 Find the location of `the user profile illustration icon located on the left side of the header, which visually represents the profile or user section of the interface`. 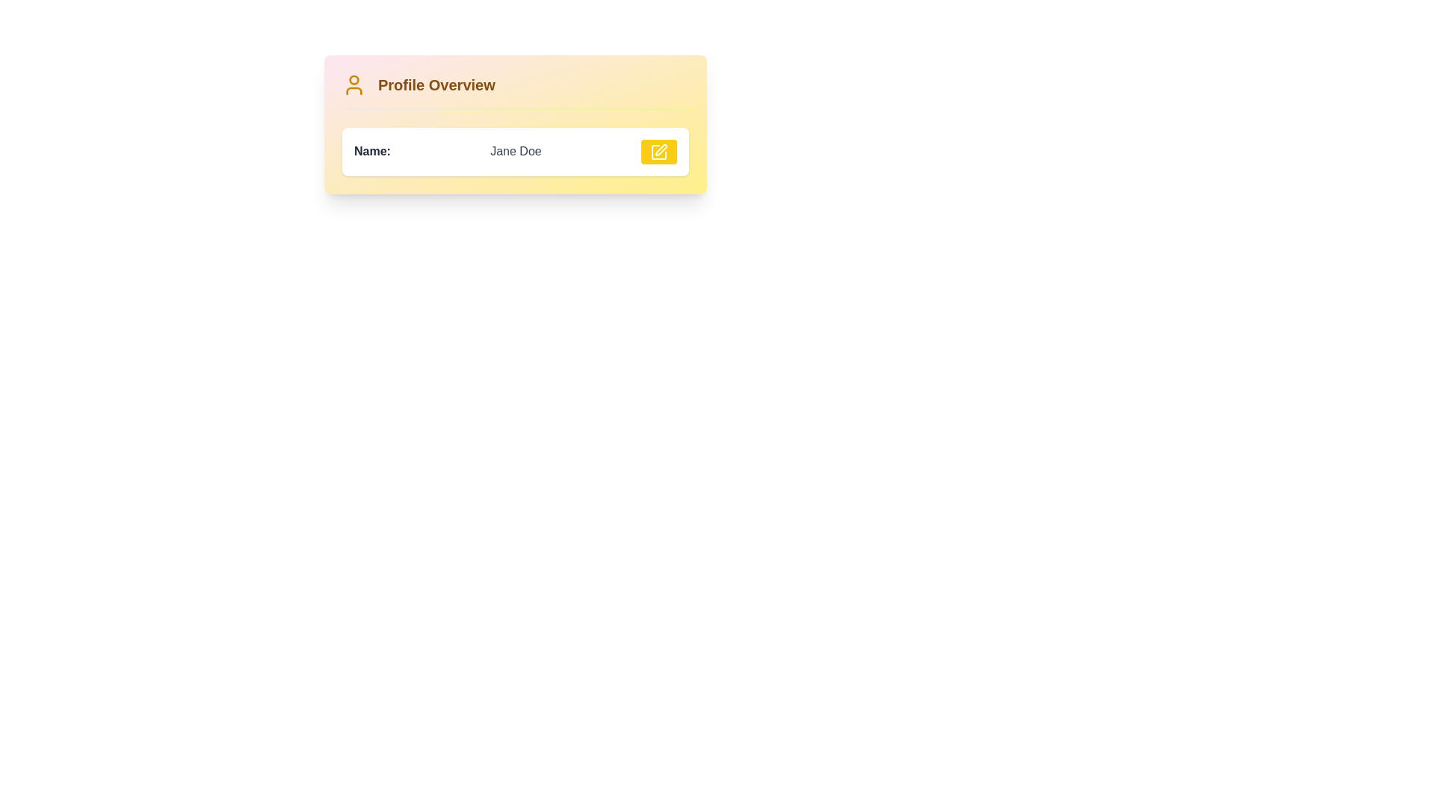

the user profile illustration icon located on the left side of the header, which visually represents the profile or user section of the interface is located at coordinates (354, 85).